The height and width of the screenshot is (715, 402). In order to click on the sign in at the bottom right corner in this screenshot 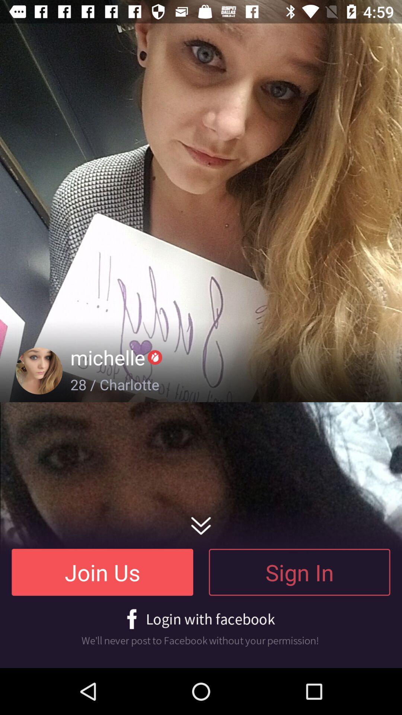, I will do `click(299, 572)`.